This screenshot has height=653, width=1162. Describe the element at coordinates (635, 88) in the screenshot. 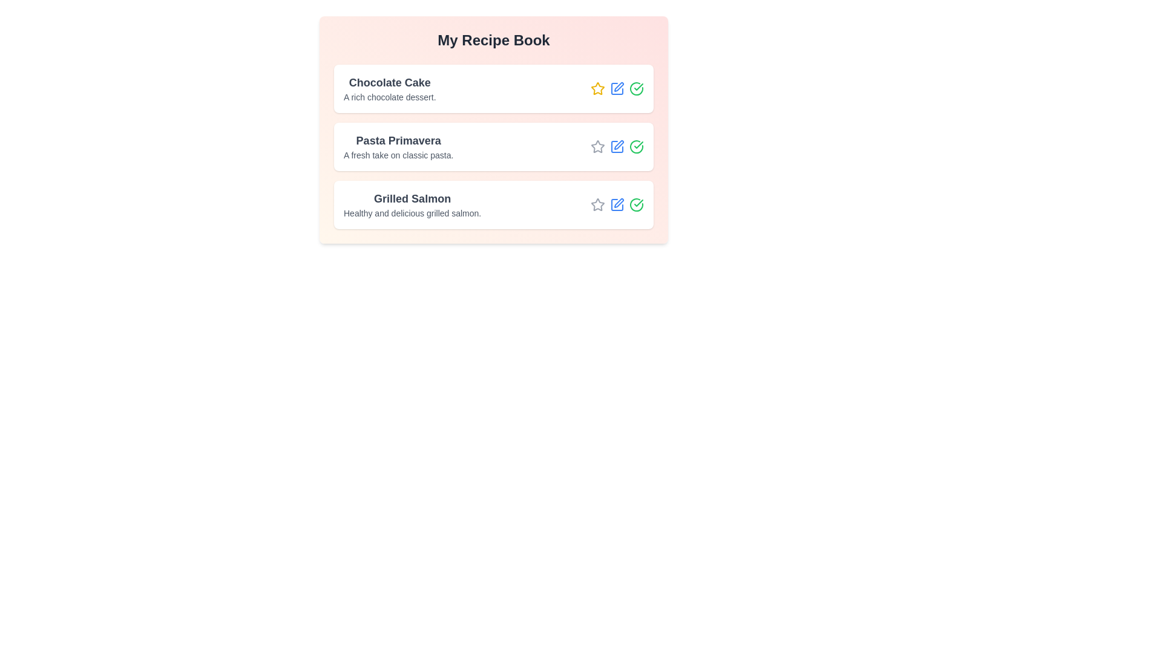

I see `checkmark icon for the recipe titled Chocolate Cake to mark it as completed` at that location.